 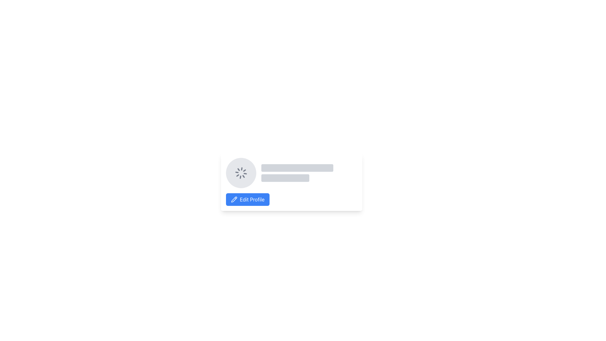 What do you see at coordinates (252, 200) in the screenshot?
I see `the 'Edit Profile' button, which is a blue rectangular button with rounded corners located at the bottom-left corner of a card` at bounding box center [252, 200].